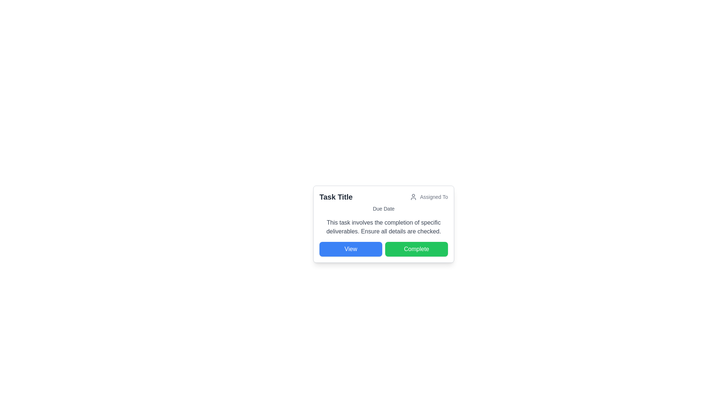 The height and width of the screenshot is (397, 705). What do you see at coordinates (434, 197) in the screenshot?
I see `the text label indicating the assigned owner of the task in the upper-right section of the task card, located beside the user icon` at bounding box center [434, 197].